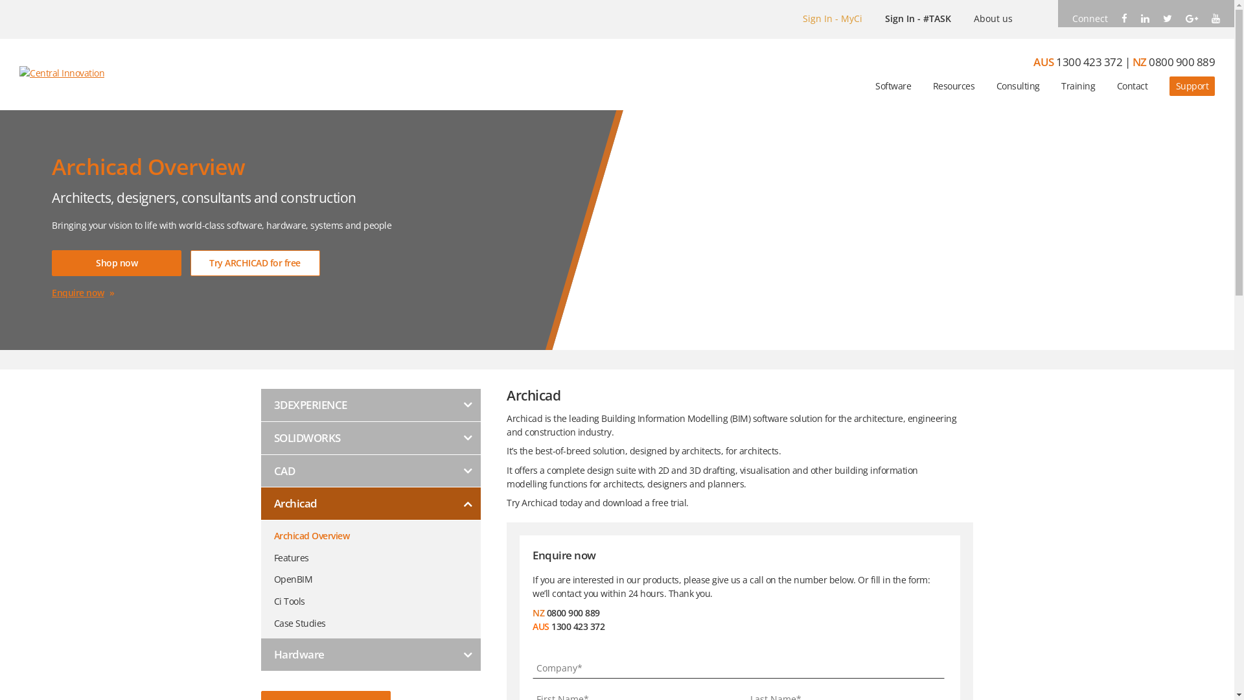  What do you see at coordinates (1056, 62) in the screenshot?
I see `'1300 423 372'` at bounding box center [1056, 62].